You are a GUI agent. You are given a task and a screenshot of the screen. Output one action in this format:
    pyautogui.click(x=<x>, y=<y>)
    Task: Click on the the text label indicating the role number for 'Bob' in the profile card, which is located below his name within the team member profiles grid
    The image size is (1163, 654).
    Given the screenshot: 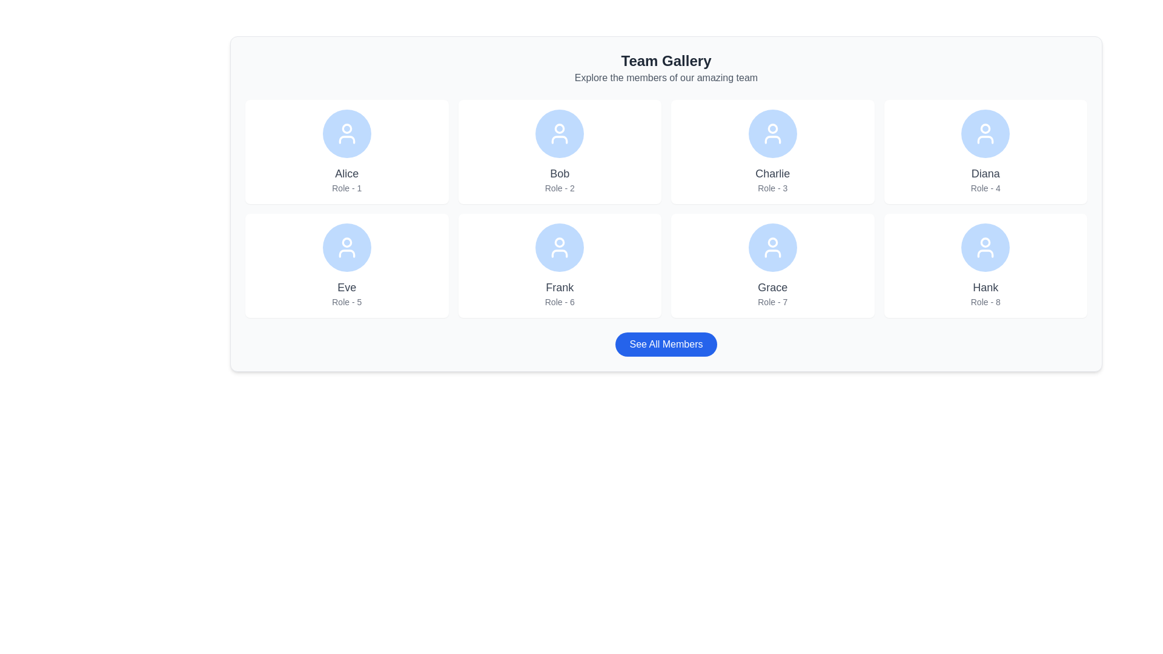 What is the action you would take?
    pyautogui.click(x=559, y=188)
    